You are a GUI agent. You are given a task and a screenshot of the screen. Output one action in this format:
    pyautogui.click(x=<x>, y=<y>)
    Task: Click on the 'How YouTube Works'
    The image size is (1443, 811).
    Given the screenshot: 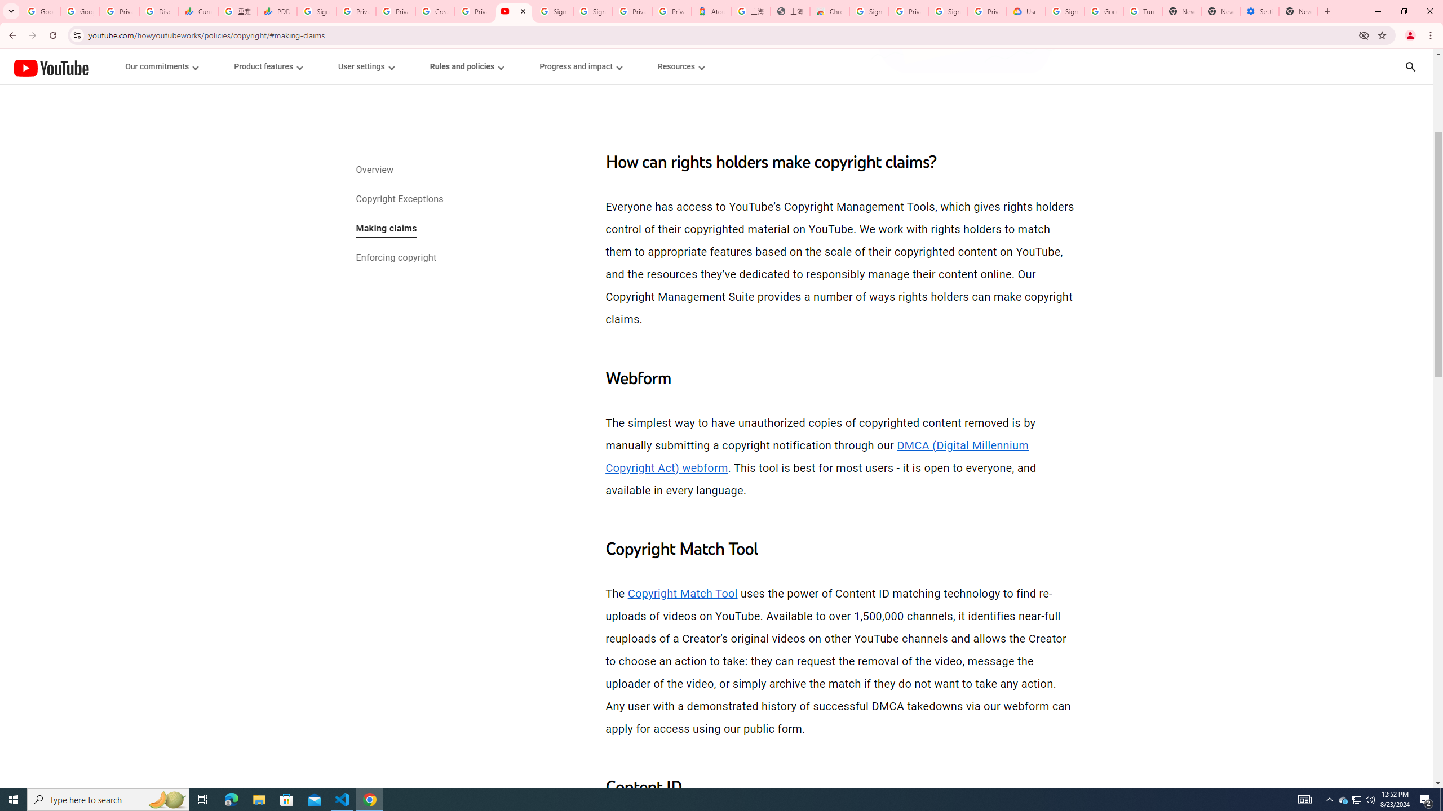 What is the action you would take?
    pyautogui.click(x=50, y=66)
    